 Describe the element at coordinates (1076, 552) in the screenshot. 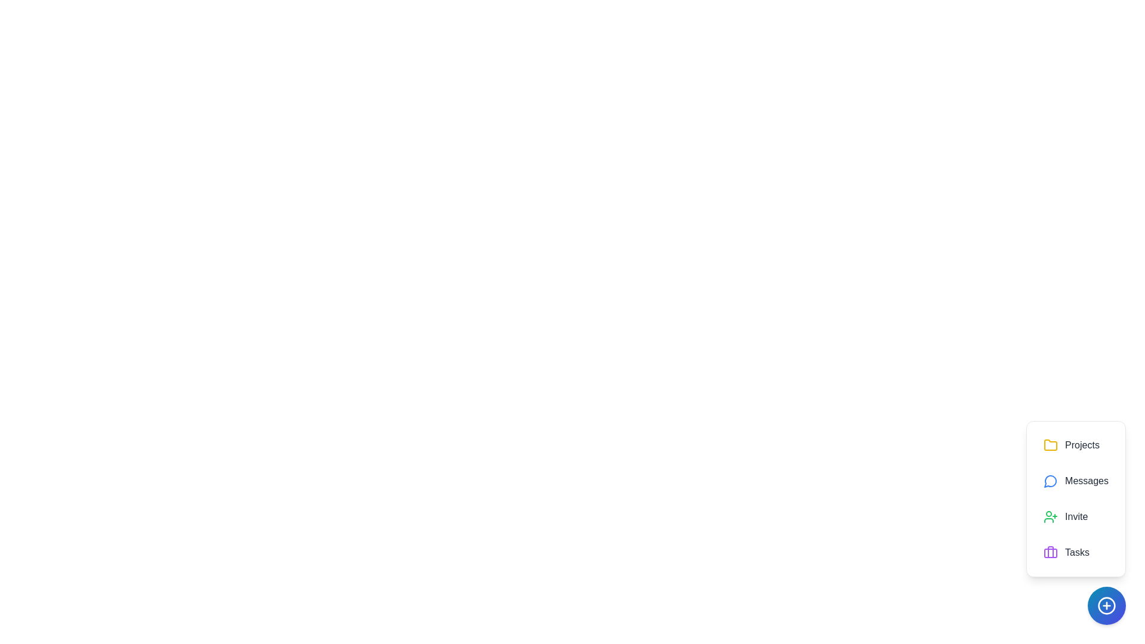

I see `the menu item corresponding to Tasks` at that location.